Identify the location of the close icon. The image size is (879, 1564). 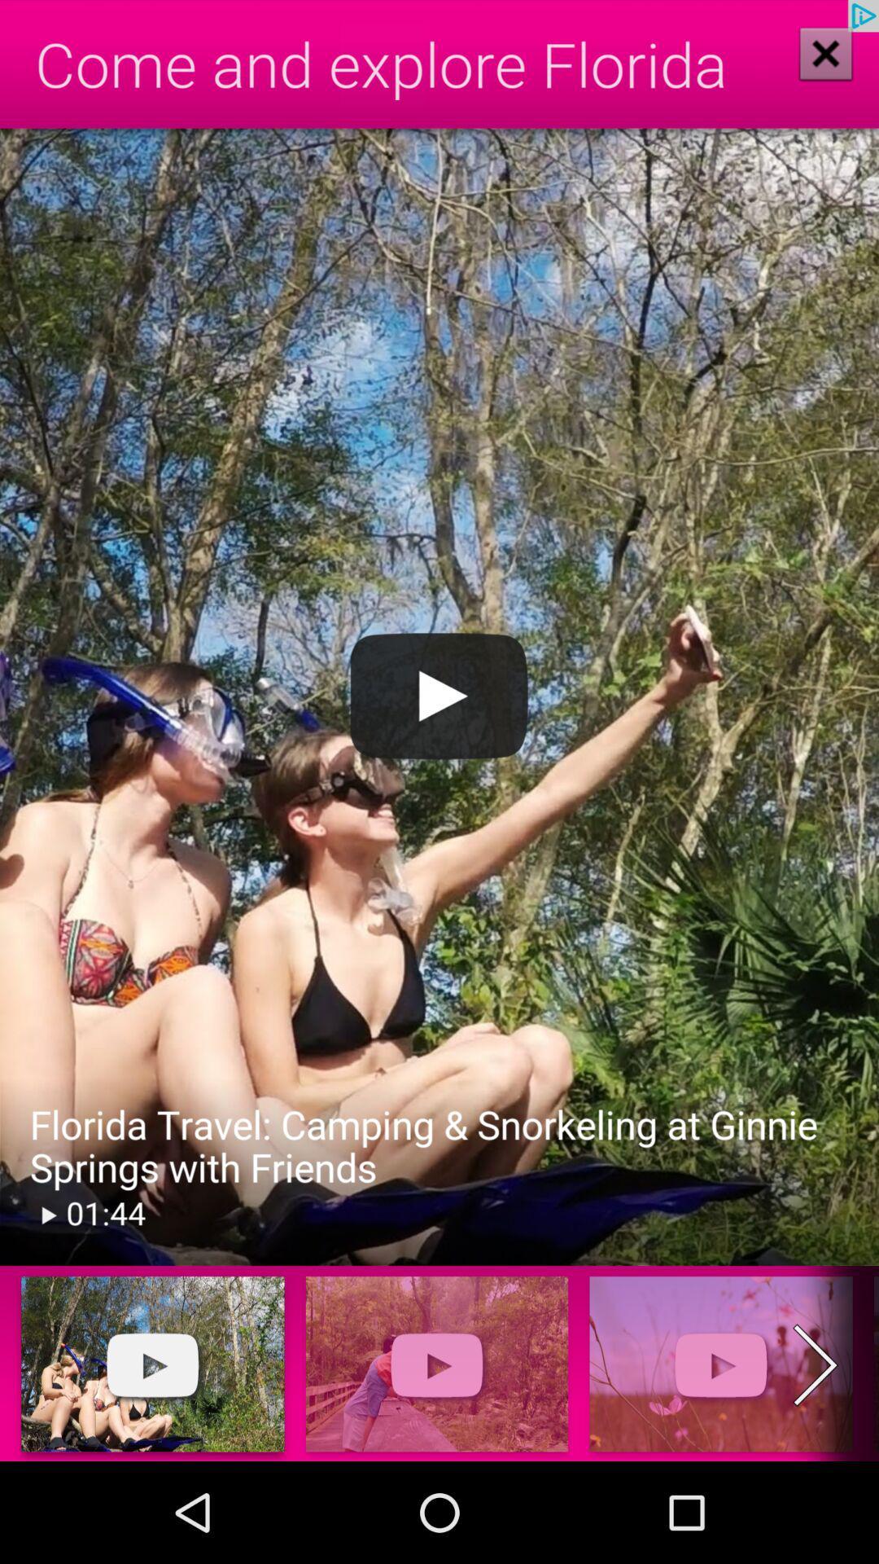
(825, 57).